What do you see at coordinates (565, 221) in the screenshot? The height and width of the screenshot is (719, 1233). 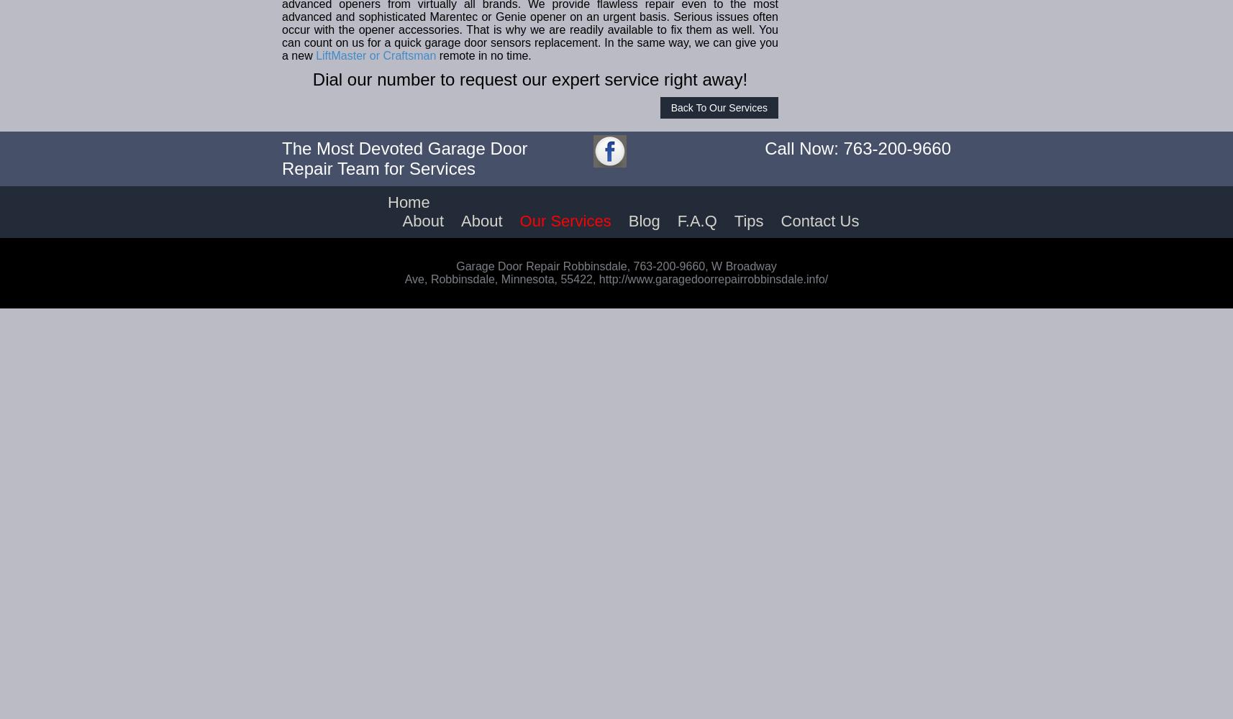 I see `'Our Services'` at bounding box center [565, 221].